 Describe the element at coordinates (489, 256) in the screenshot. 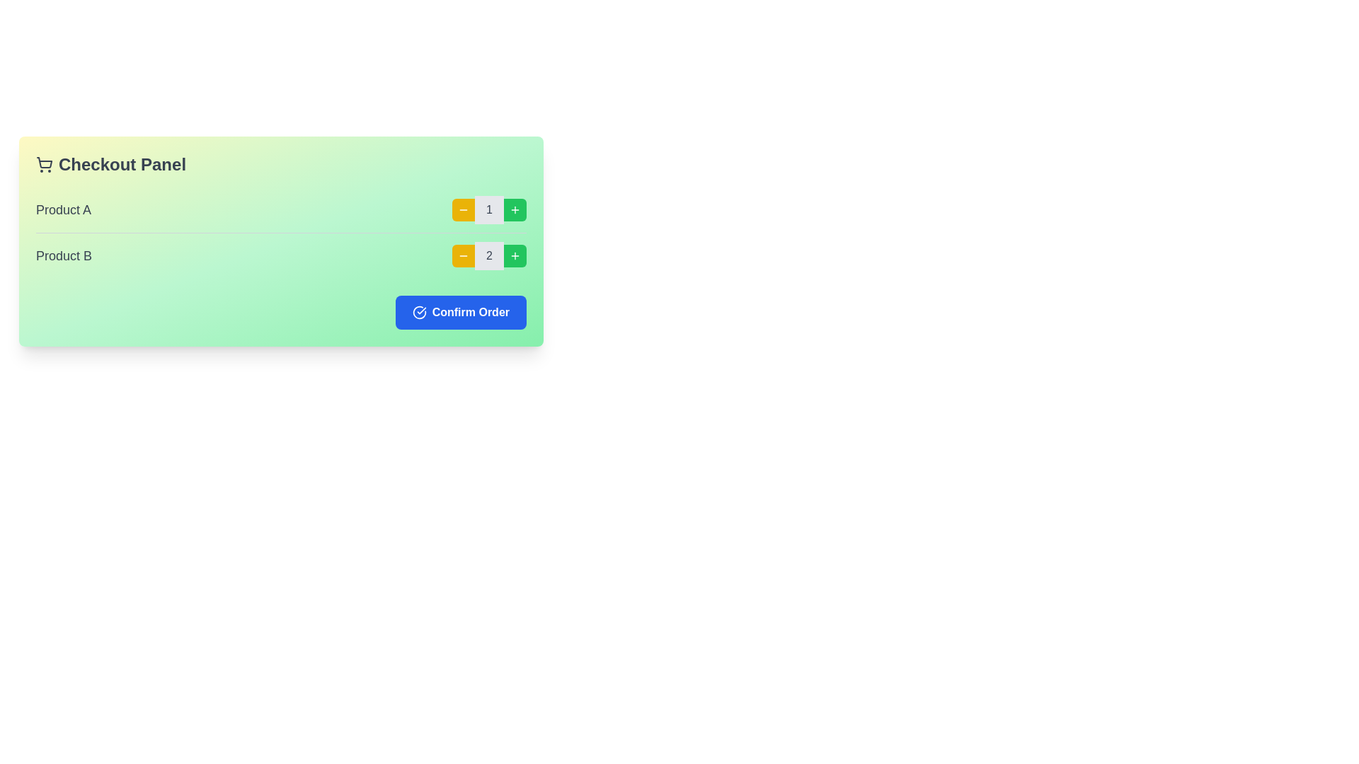

I see `the display text or label that shows the current numeric value or count, located in the second row of the numeric adjustment group, between the '-' yellow button and the '+' green button` at that location.